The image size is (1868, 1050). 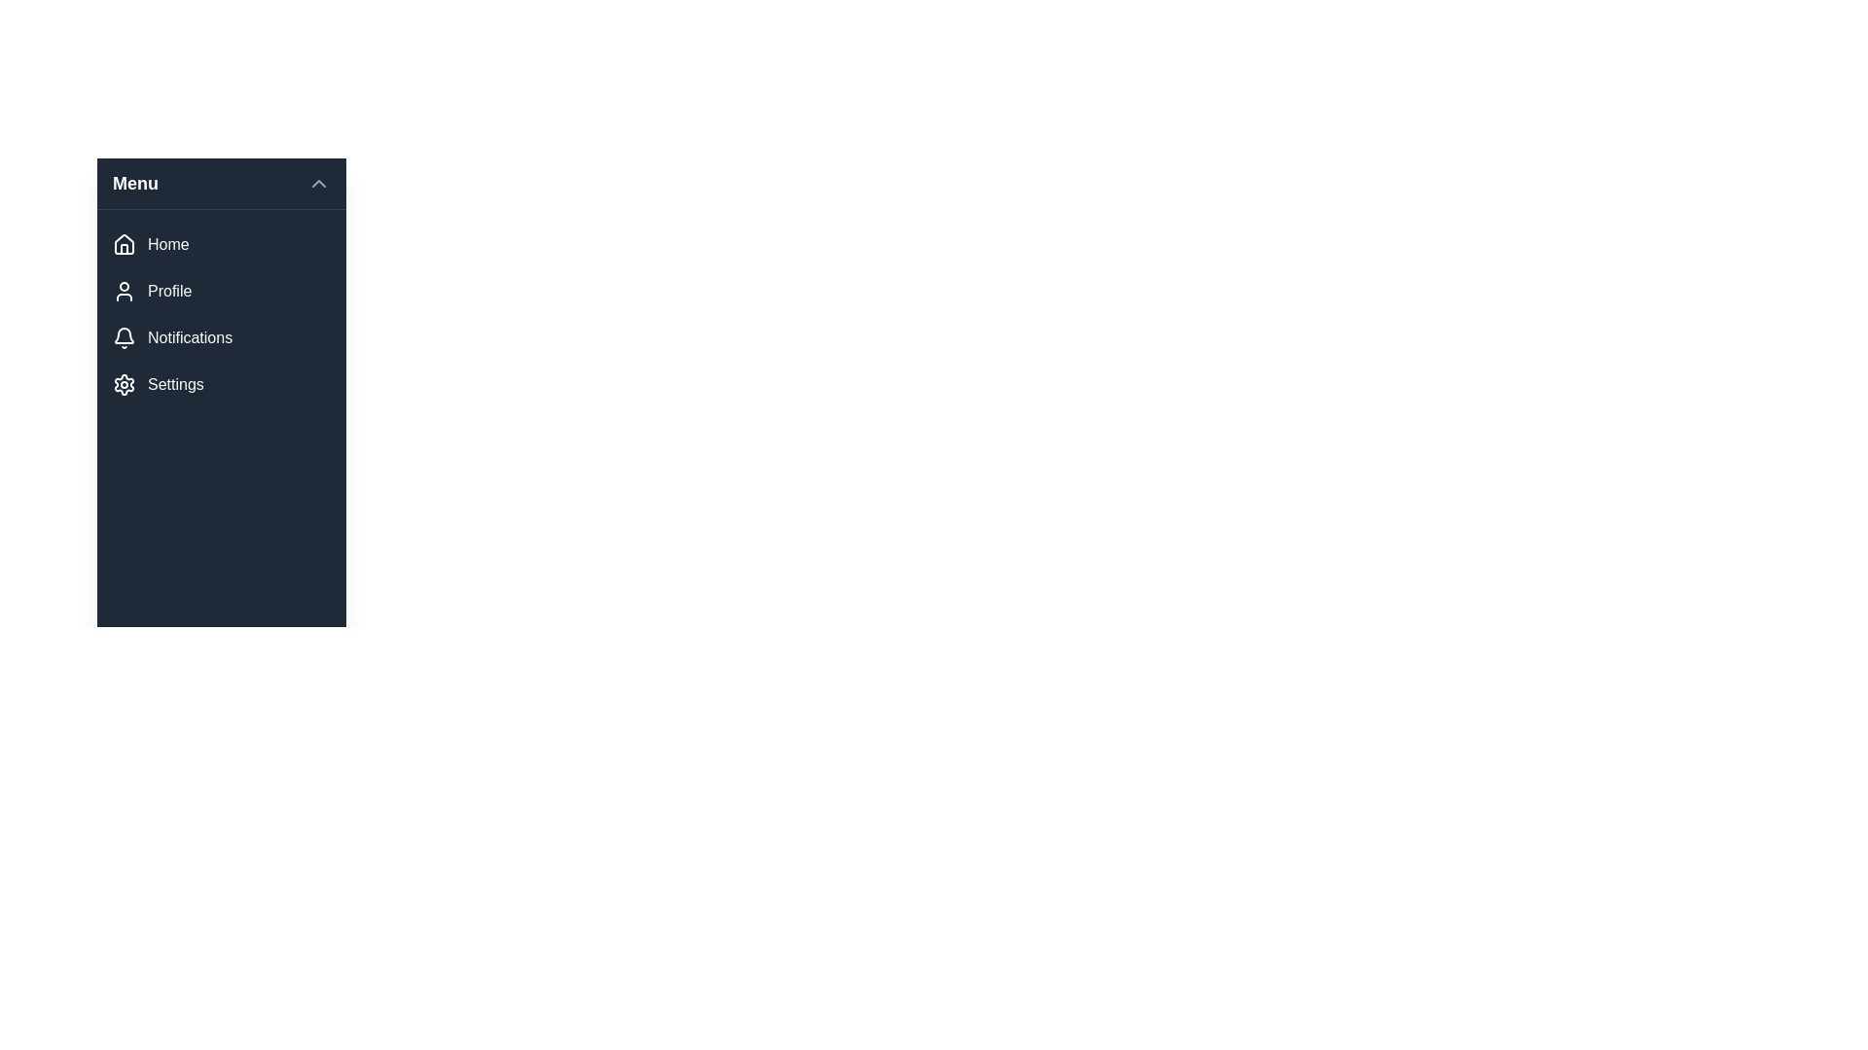 I want to click on text label indicating the application settings, located beneath the 'Notifications' menu item and to the right of the gear-shaped icon in the vertical menu on the left side of the interface, so click(x=175, y=385).